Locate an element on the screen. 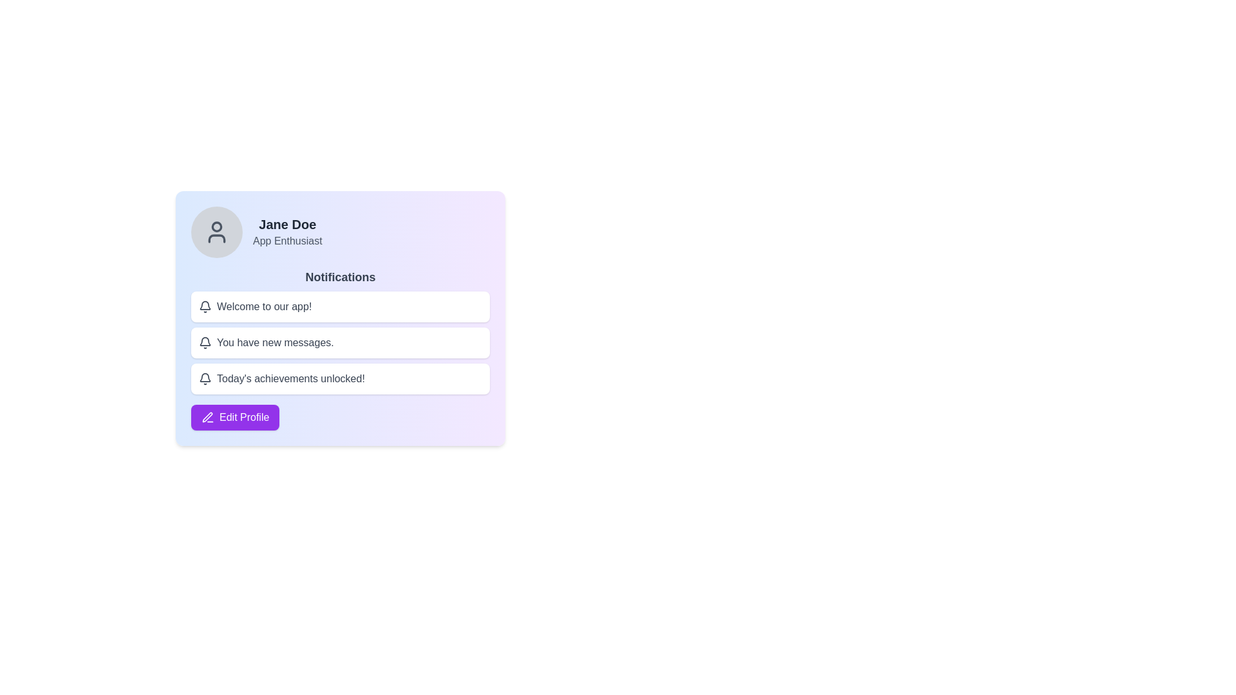  the vector graphic icon representing a pen or edit tool, located inside the 'Edit Profile' button at the bottom of the user information card is located at coordinates (207, 417).